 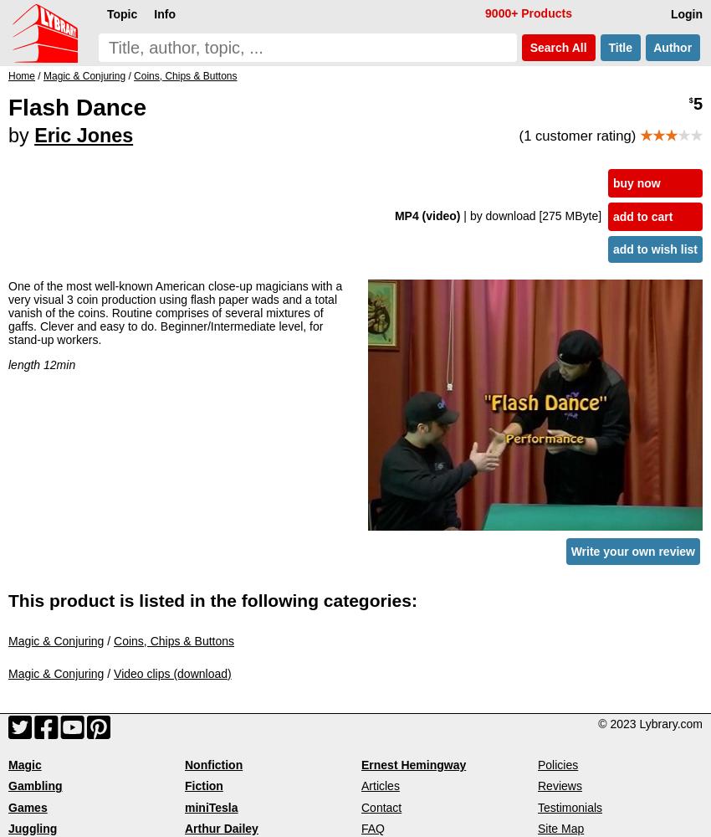 I want to click on '(1 customer rating)', so click(x=578, y=135).